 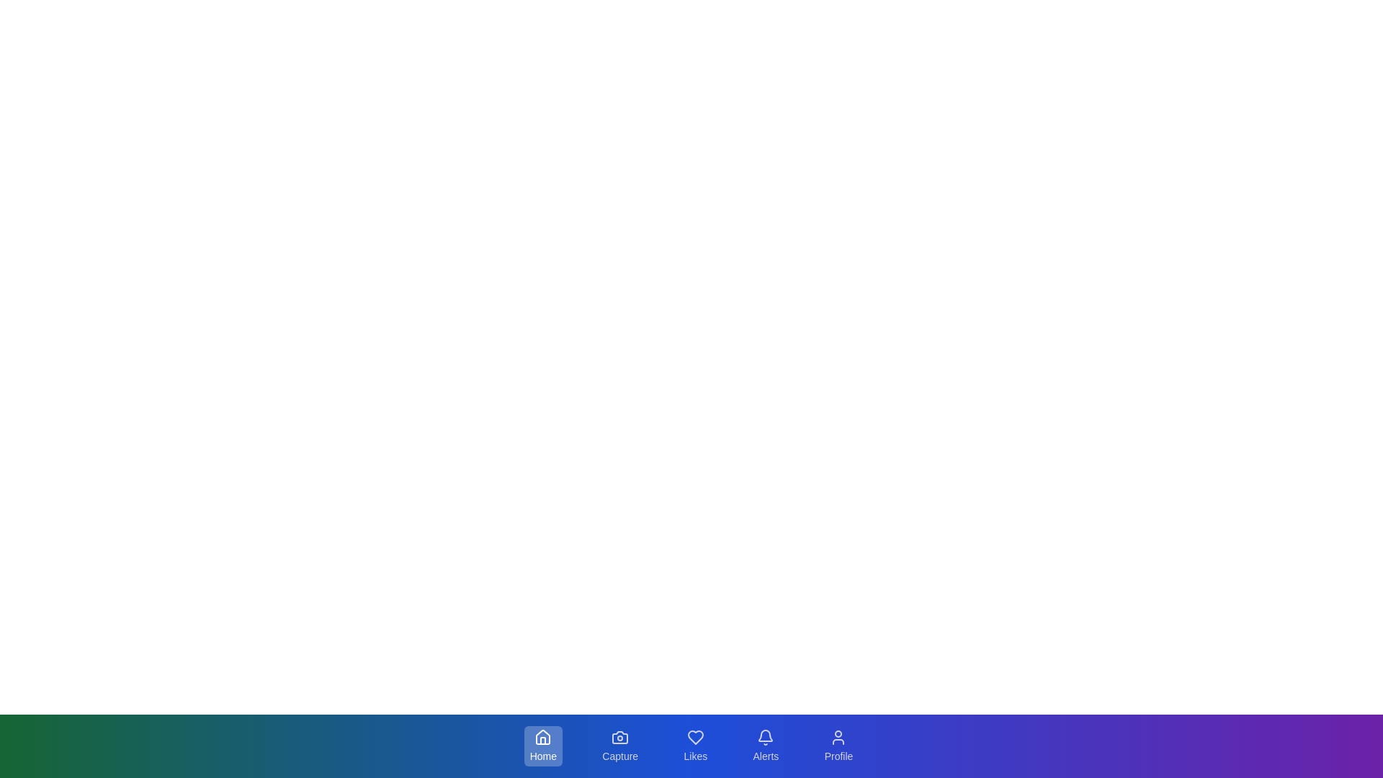 I want to click on the button labeled Home to observe the visual feedback, so click(x=542, y=746).